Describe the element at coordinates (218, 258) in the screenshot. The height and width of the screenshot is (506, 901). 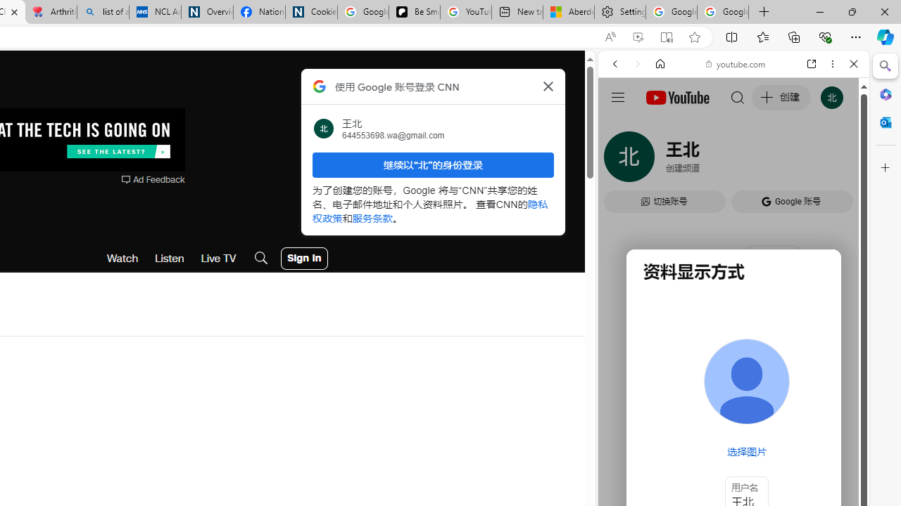
I see `'Live TV'` at that location.